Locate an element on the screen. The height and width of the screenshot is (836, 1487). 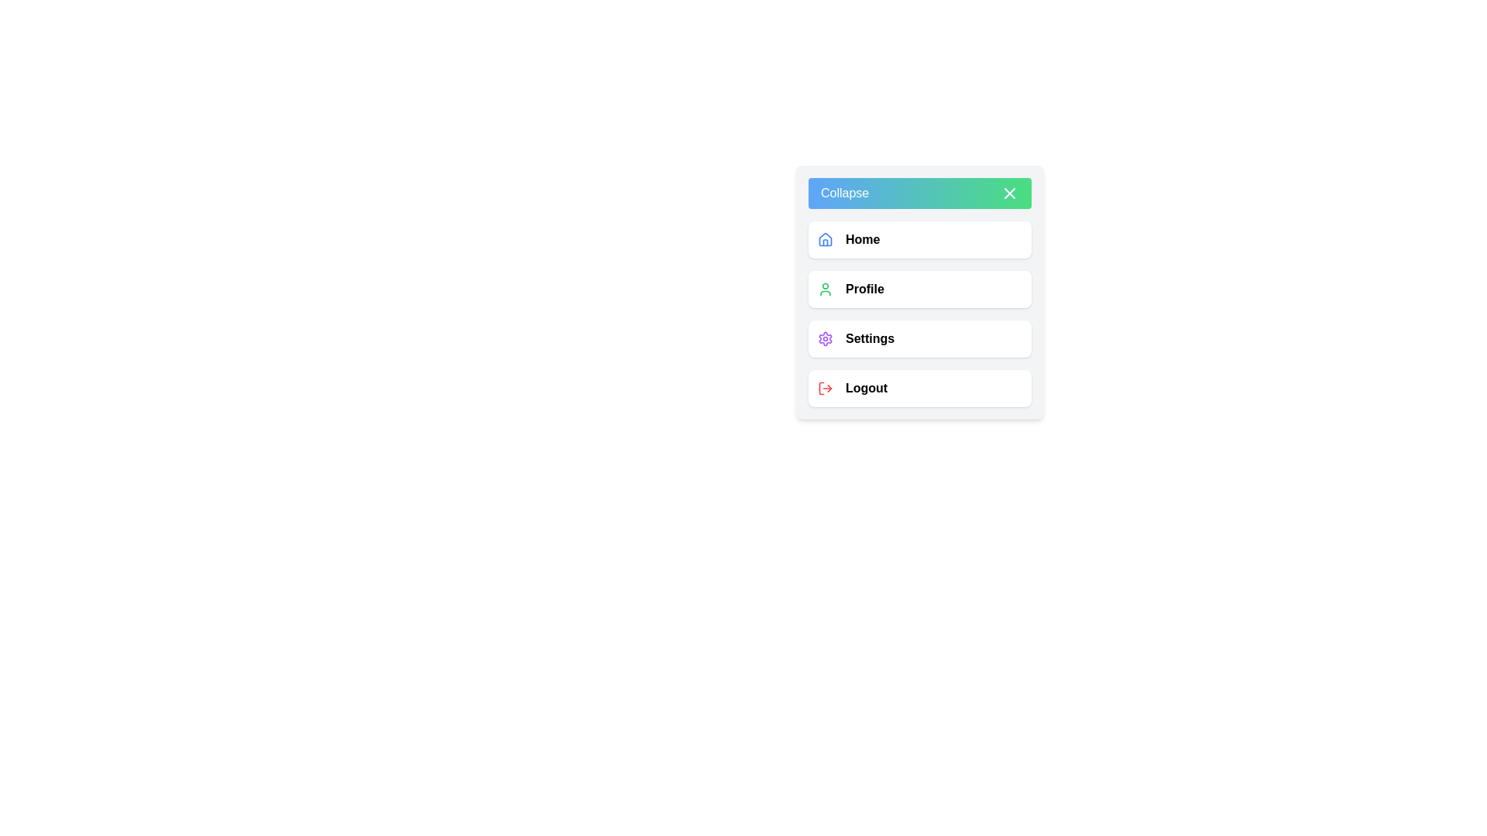
the 'Logout' menu item in the sidebar is located at coordinates (920, 387).